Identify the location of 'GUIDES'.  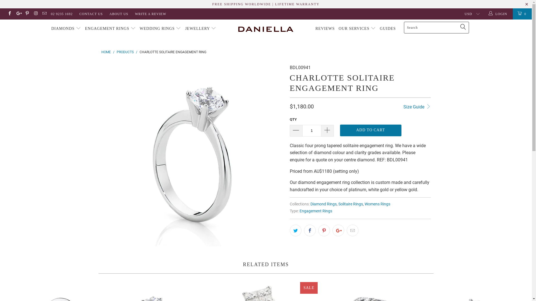
(387, 29).